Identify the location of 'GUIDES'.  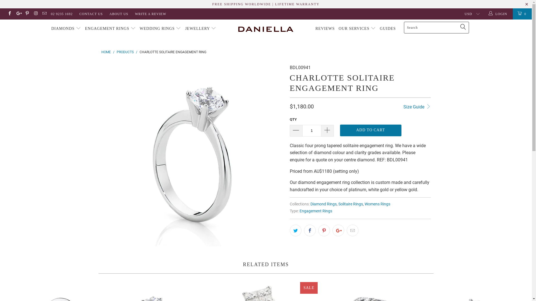
(387, 29).